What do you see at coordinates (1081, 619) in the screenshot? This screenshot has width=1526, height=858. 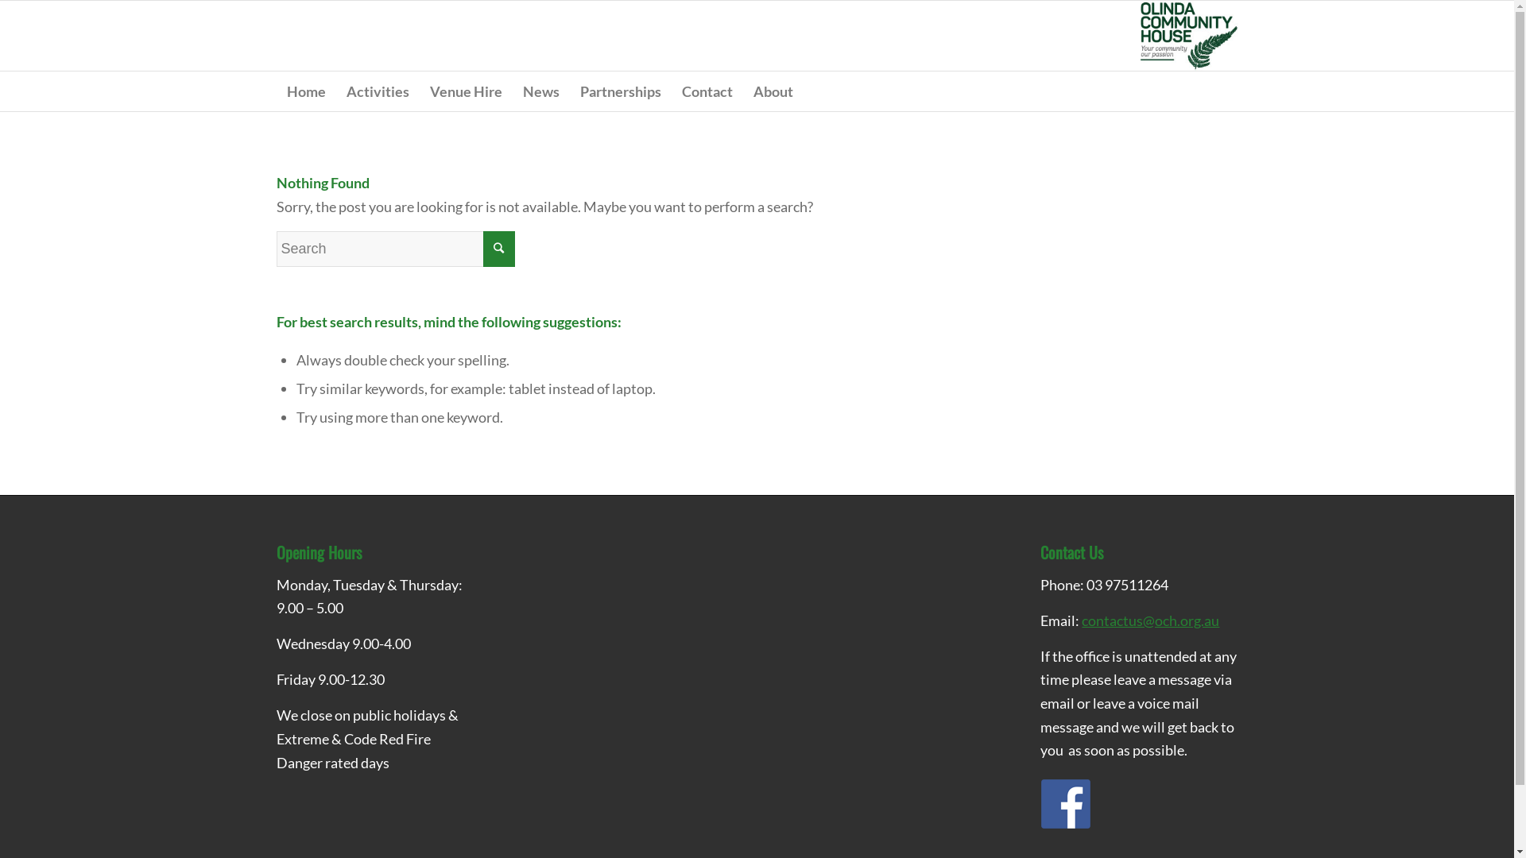 I see `'contactus@och.org.au'` at bounding box center [1081, 619].